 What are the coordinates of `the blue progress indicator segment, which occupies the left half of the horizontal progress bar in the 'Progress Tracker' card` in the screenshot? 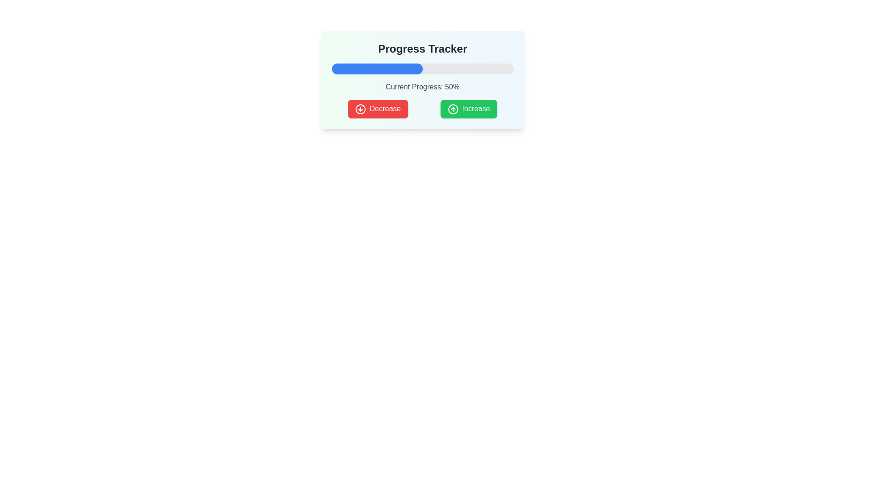 It's located at (377, 68).